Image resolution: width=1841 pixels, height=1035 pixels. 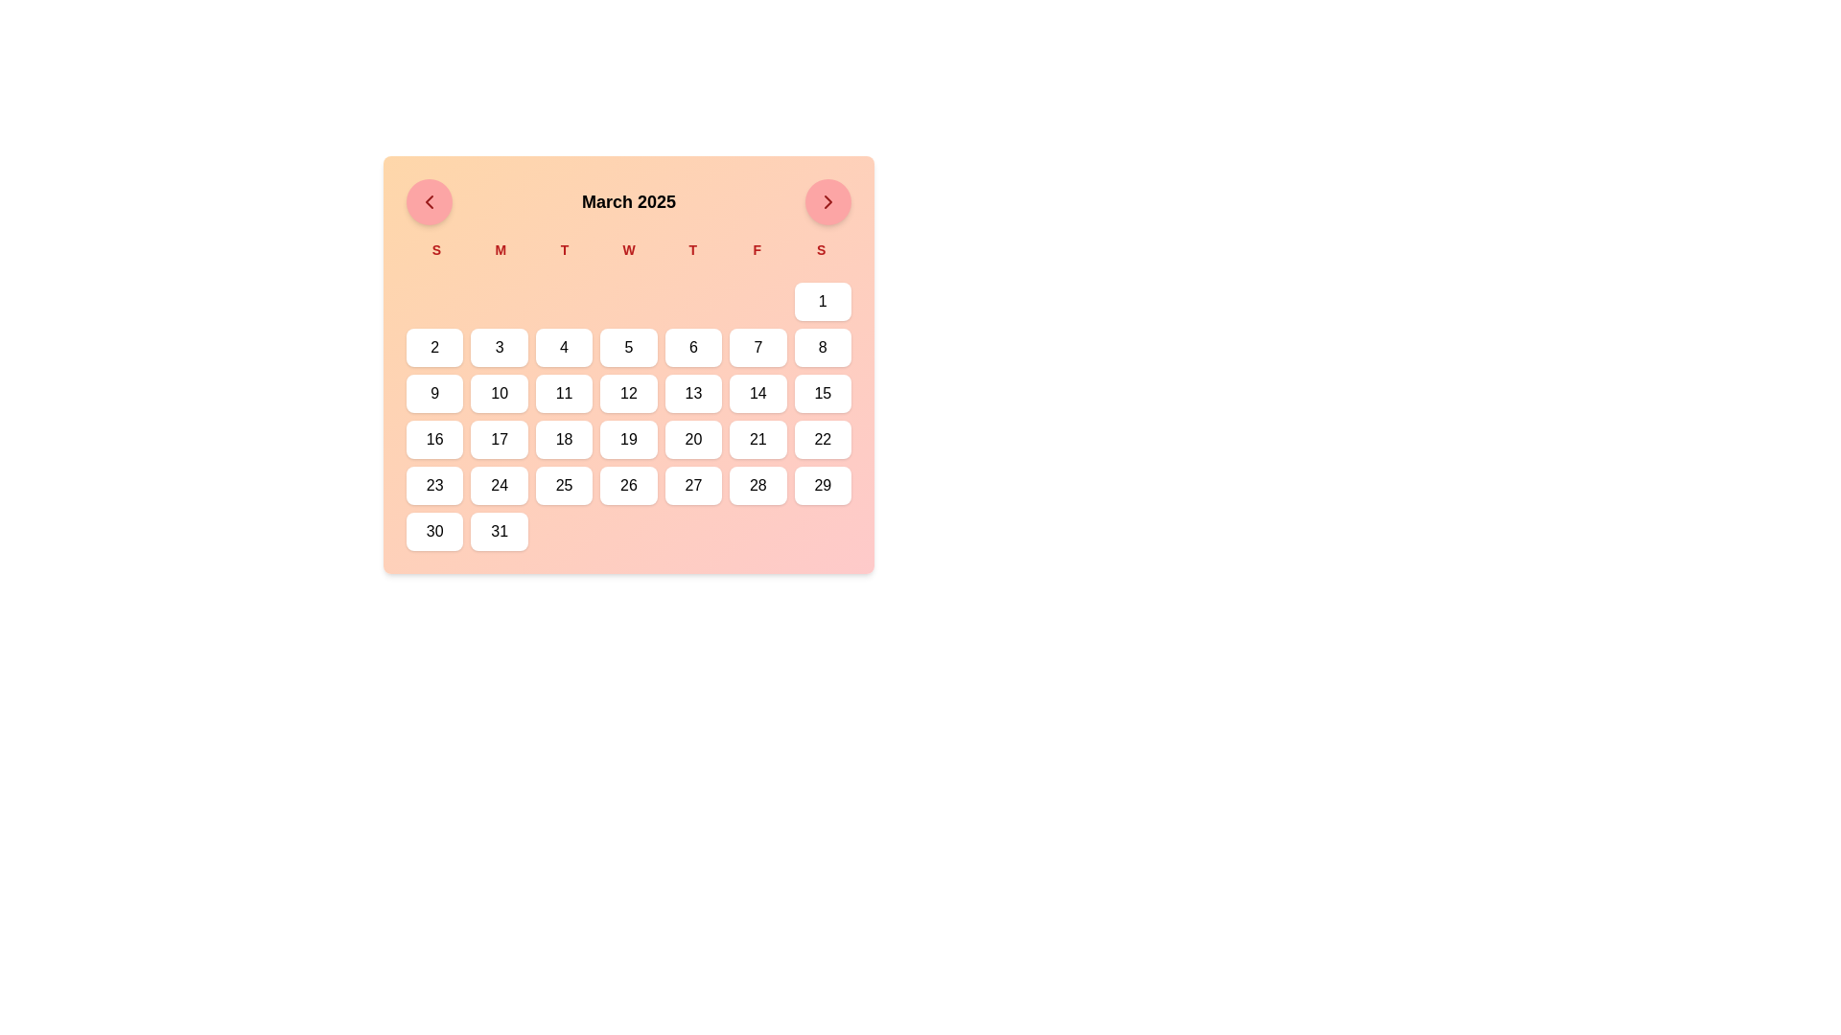 What do you see at coordinates (692, 440) in the screenshot?
I see `the button that selects the date '20'` at bounding box center [692, 440].